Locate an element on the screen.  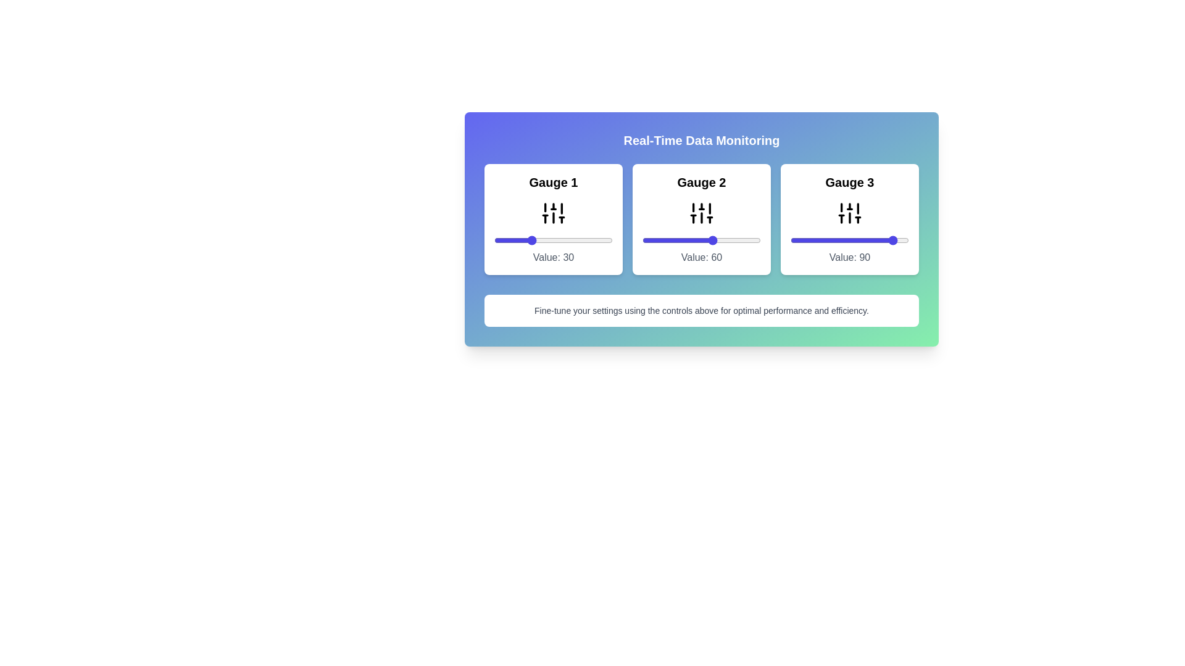
the 'Gauge 2' slider is located at coordinates (642, 240).